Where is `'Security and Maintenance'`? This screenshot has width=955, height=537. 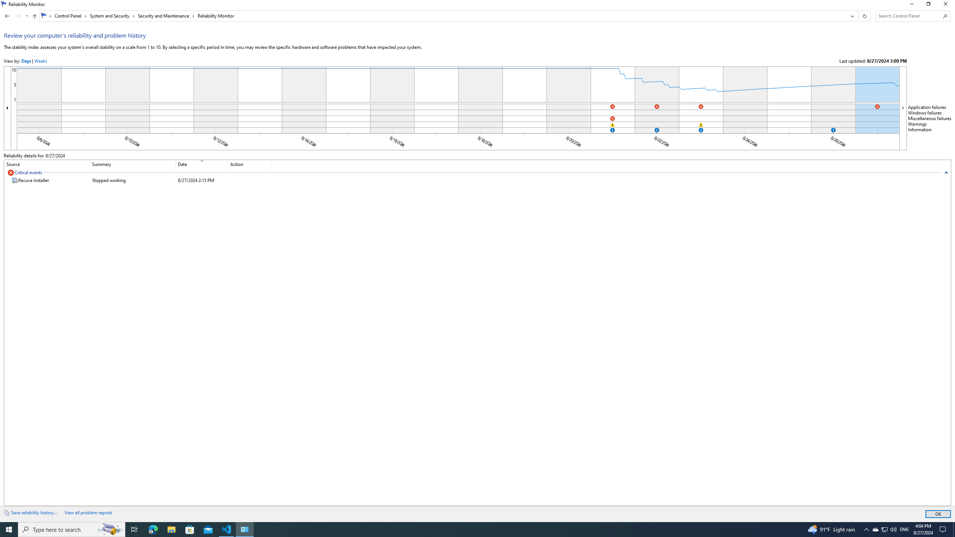
'Security and Maintenance' is located at coordinates (166, 16).